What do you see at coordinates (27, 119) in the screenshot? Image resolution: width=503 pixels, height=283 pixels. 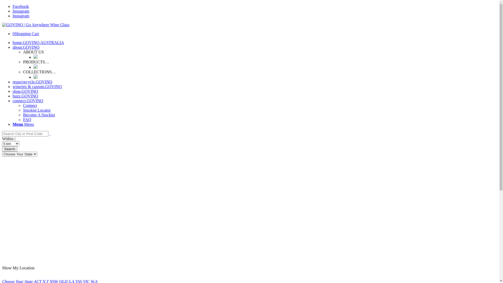 I see `'FAQ'` at bounding box center [27, 119].